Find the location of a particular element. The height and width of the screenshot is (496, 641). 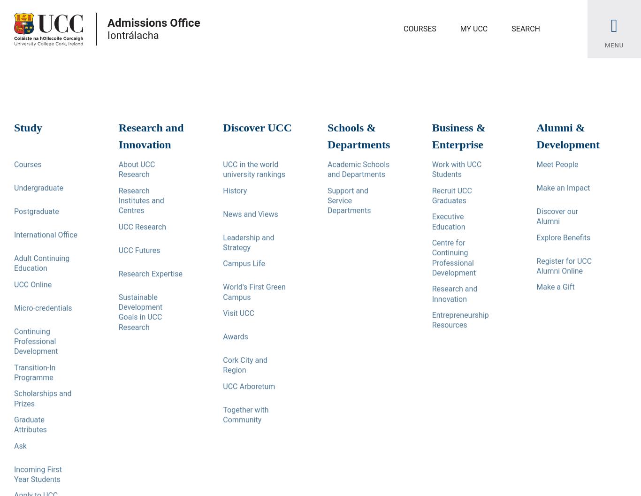

'Explore this Page' is located at coordinates (282, 200).